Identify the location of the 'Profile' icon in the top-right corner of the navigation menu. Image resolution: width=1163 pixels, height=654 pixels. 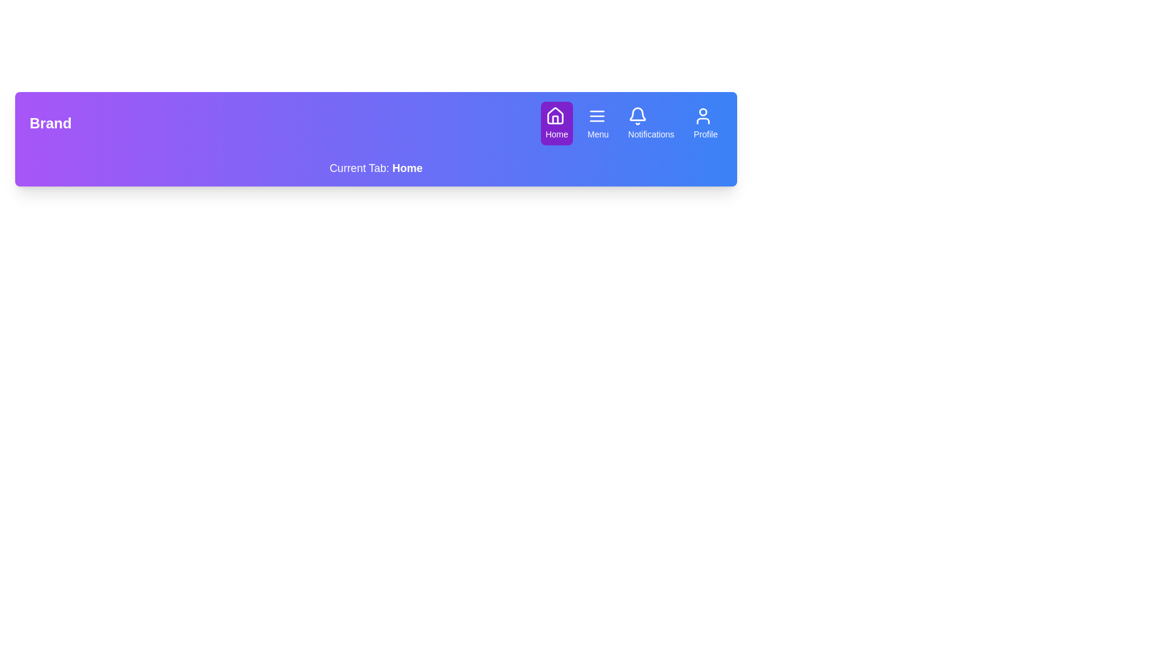
(703, 116).